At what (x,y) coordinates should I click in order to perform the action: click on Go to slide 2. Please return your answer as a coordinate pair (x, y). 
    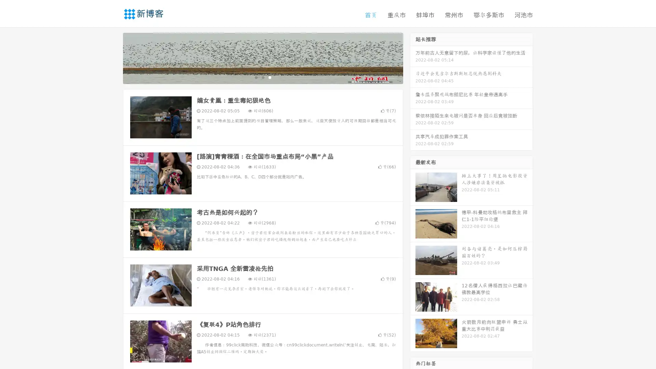
    Looking at the image, I should click on (262, 77).